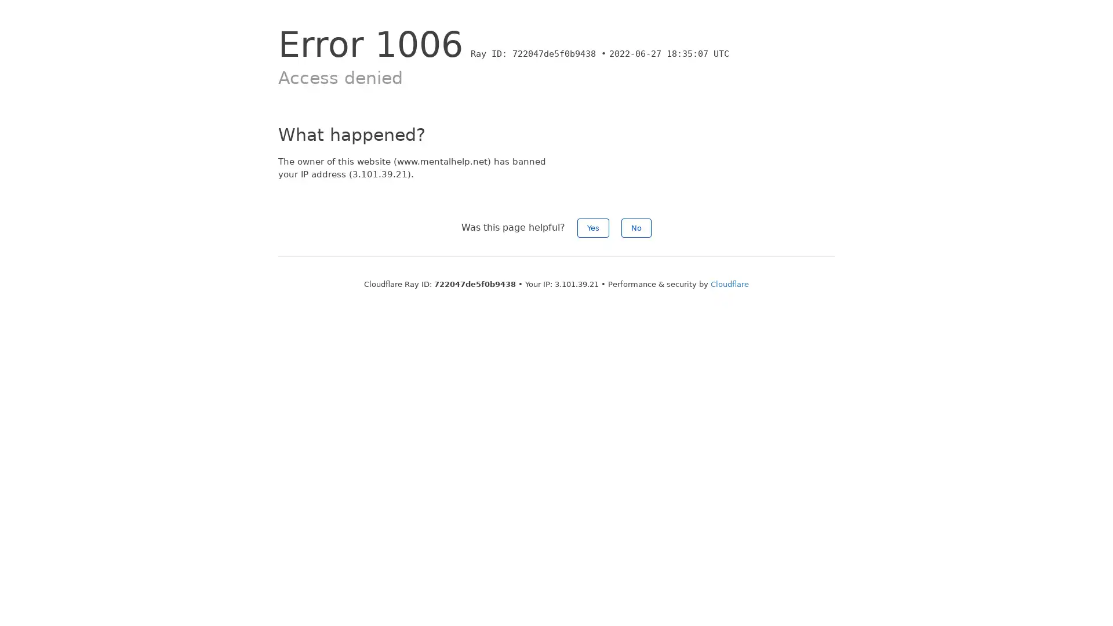 The height and width of the screenshot is (626, 1113). I want to click on Yes, so click(593, 227).